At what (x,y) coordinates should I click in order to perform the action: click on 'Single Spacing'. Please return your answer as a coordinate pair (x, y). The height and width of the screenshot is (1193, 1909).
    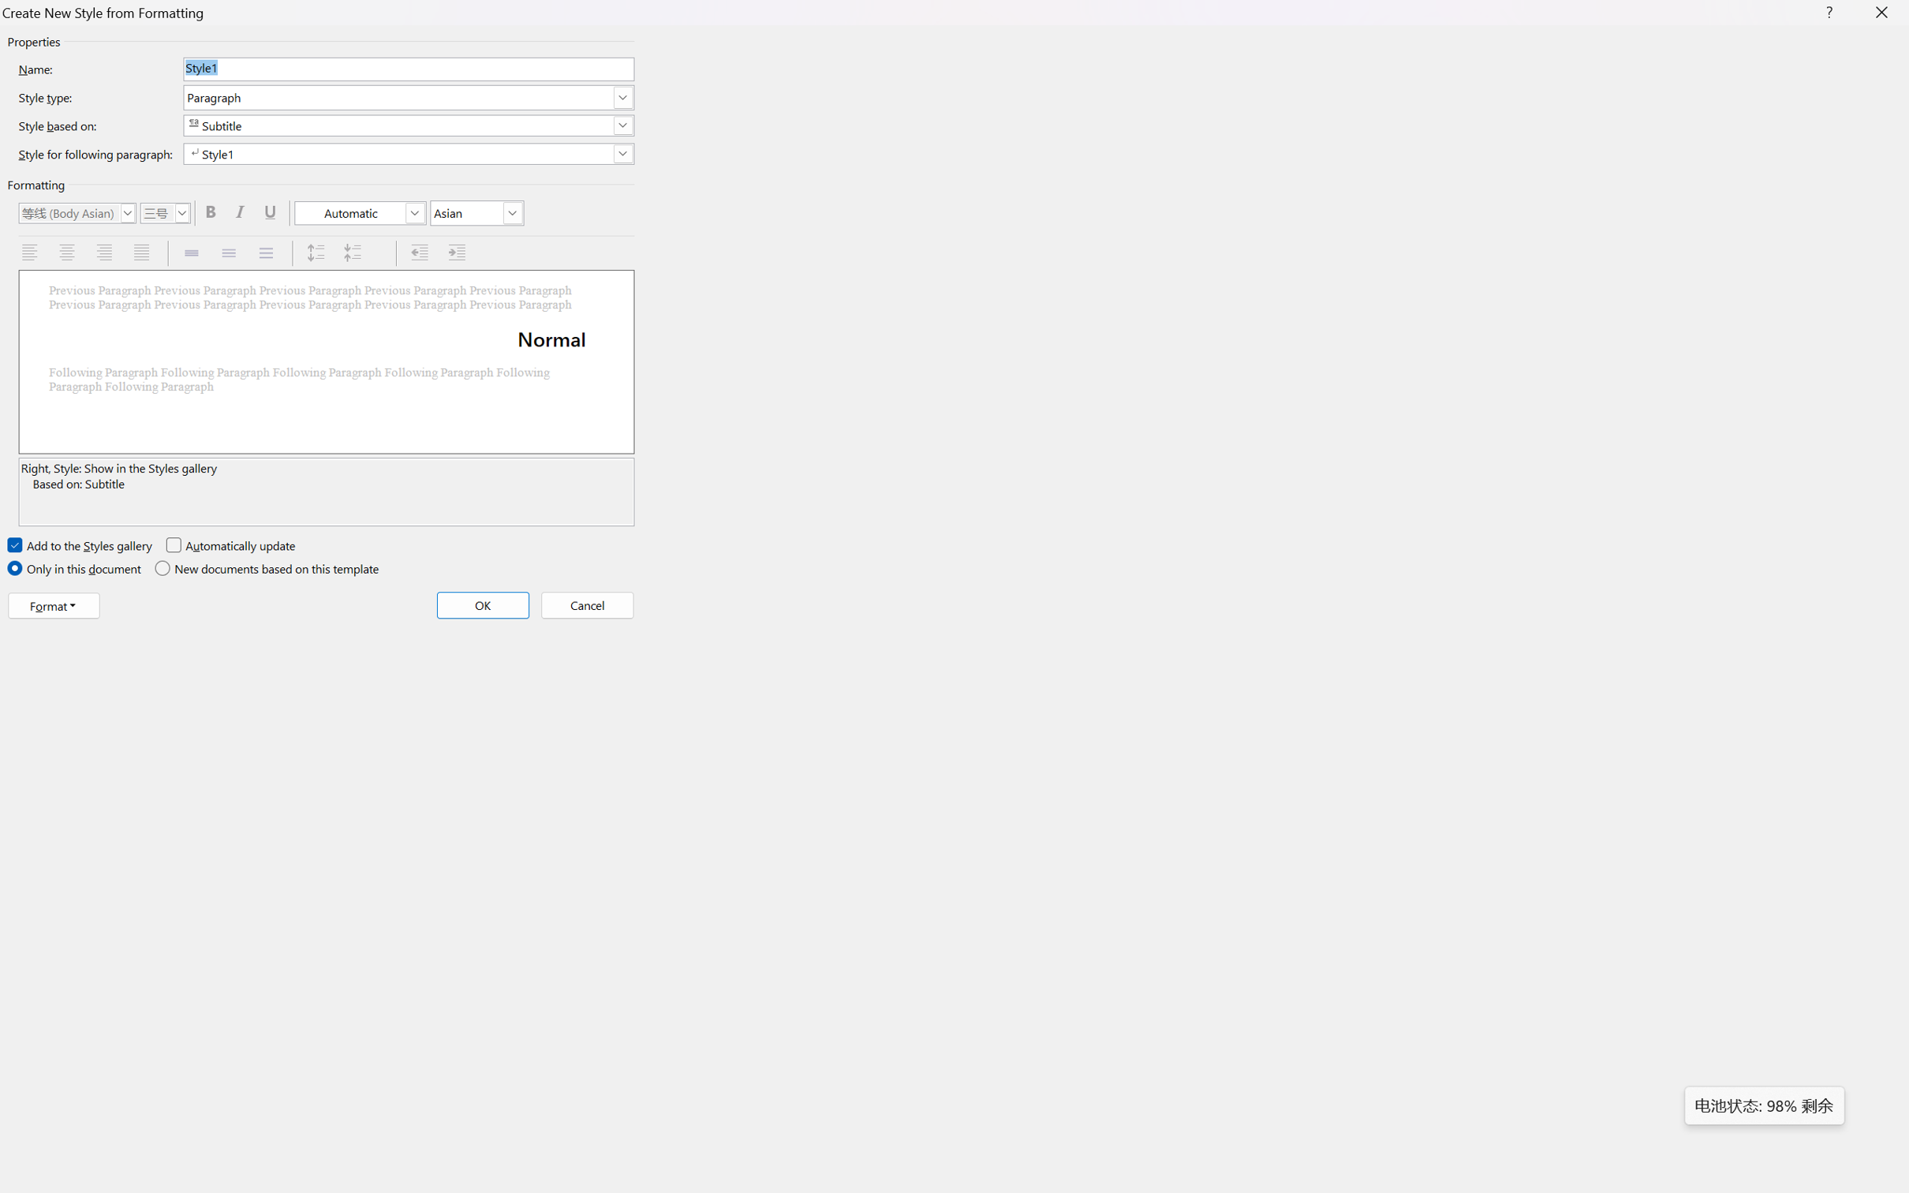
    Looking at the image, I should click on (193, 252).